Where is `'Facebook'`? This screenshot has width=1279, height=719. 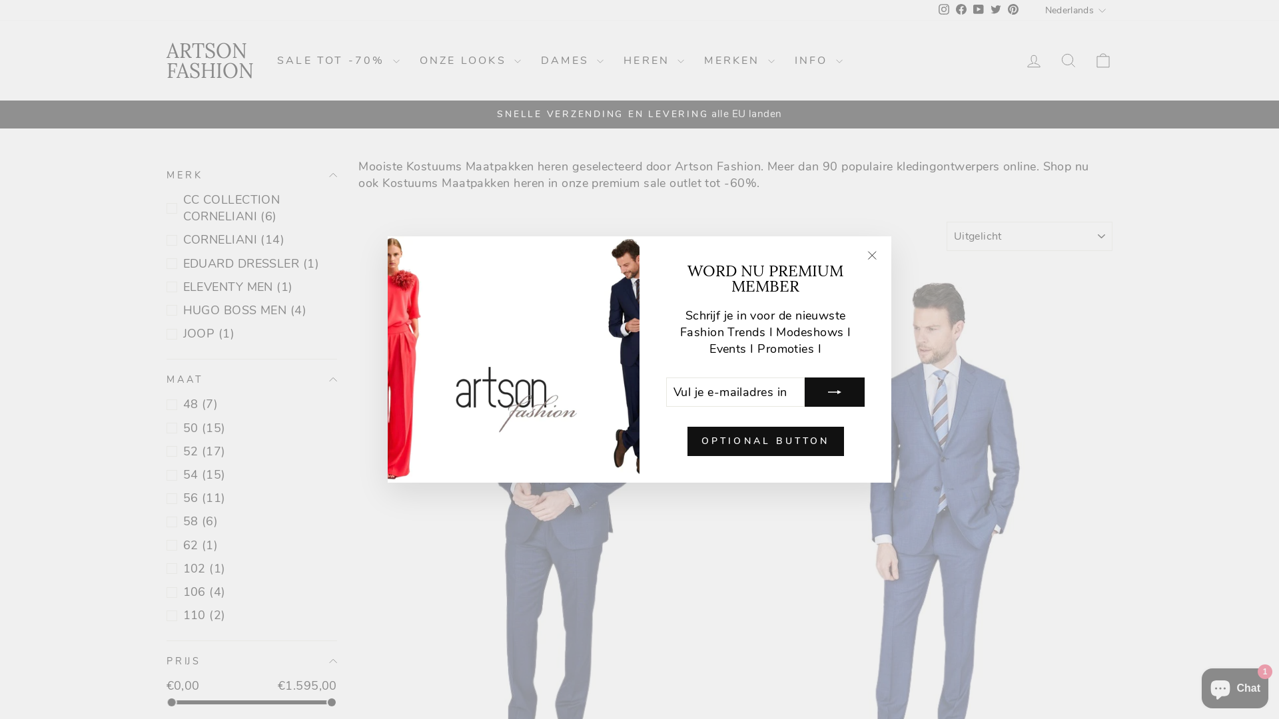 'Facebook' is located at coordinates (961, 10).